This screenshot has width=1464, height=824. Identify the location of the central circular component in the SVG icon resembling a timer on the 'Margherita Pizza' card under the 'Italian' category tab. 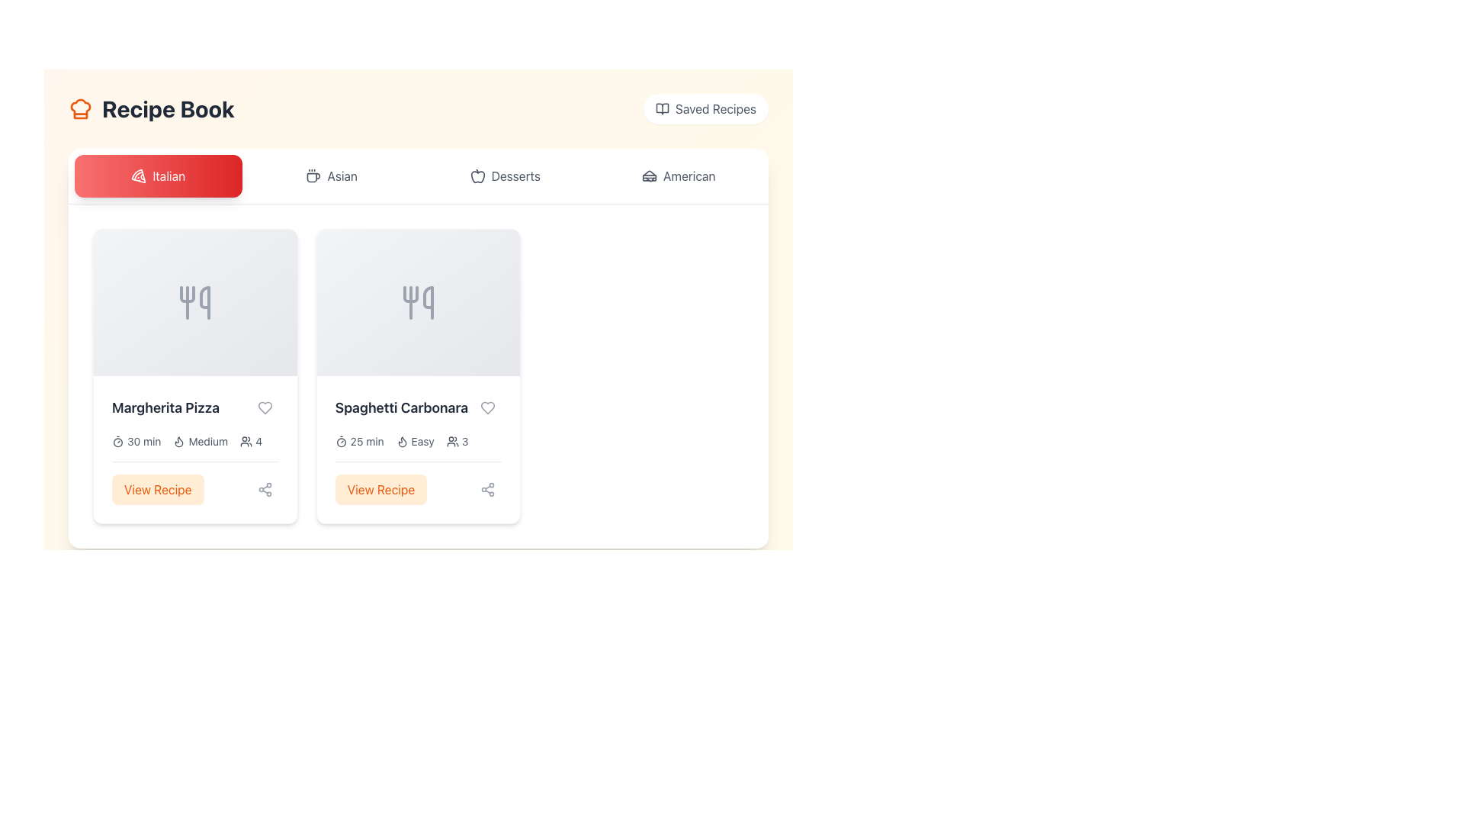
(117, 442).